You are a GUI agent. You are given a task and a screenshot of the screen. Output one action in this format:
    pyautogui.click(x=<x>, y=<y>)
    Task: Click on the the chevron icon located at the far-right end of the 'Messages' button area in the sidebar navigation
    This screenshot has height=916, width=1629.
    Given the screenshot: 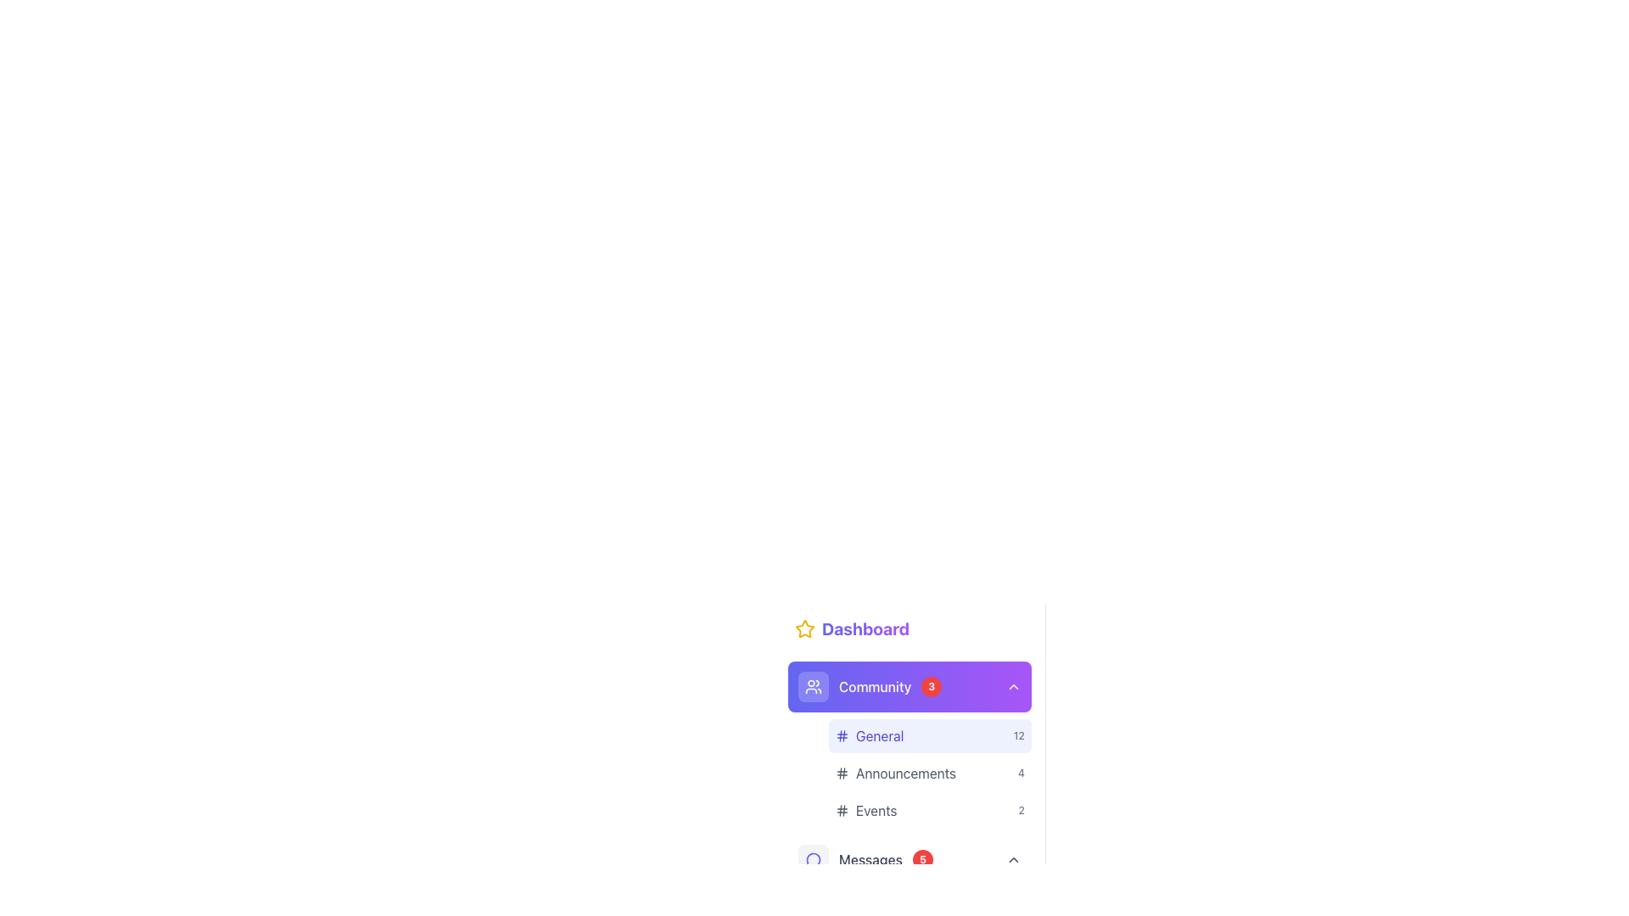 What is the action you would take?
    pyautogui.click(x=1014, y=860)
    